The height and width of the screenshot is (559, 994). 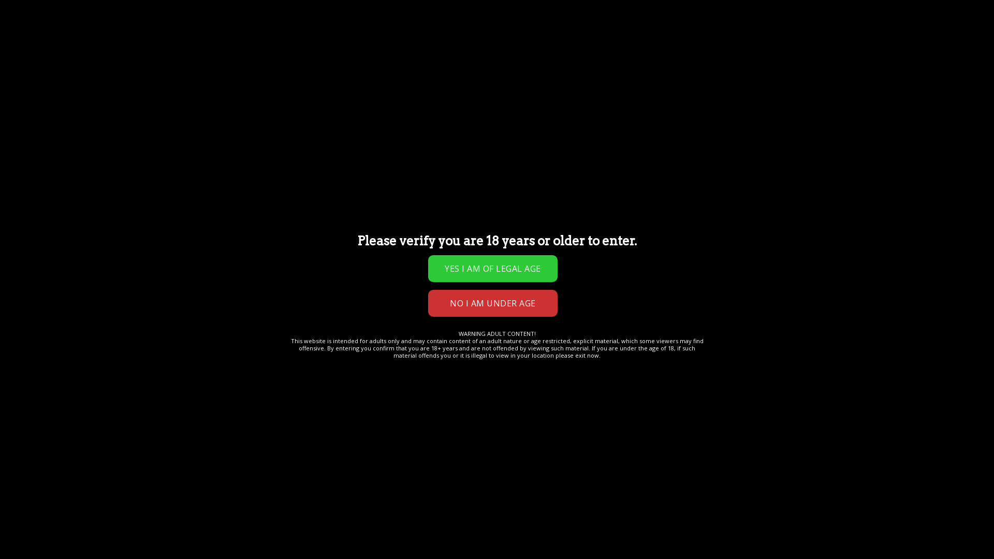 I want to click on 'DESCRIPTION', so click(x=53, y=376).